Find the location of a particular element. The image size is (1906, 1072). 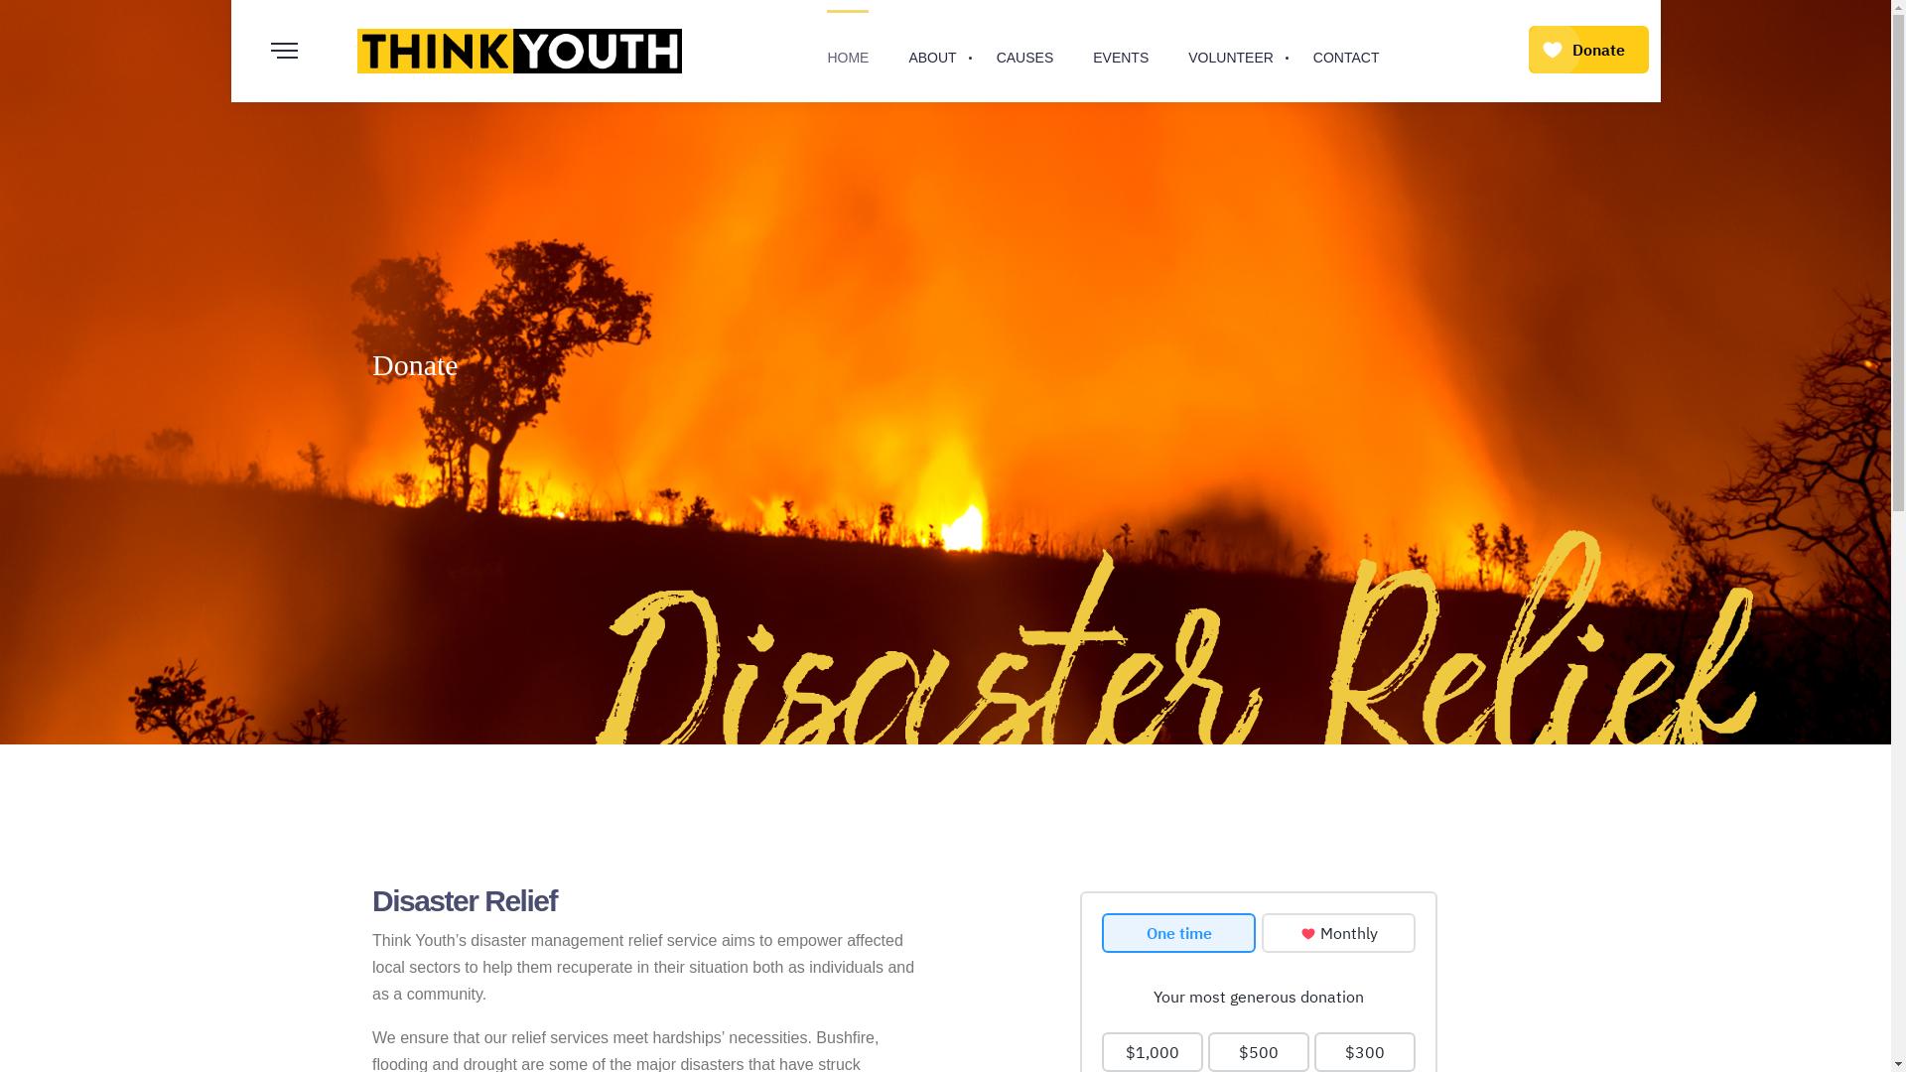

'CONTACT' is located at coordinates (1313, 50).